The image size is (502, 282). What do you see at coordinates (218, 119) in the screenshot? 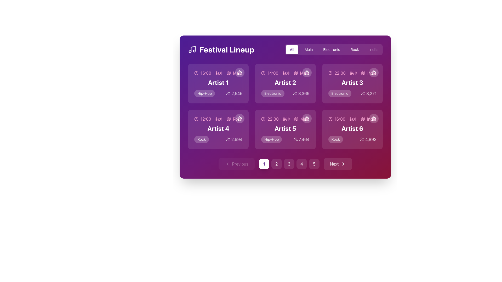
I see `the text and icons displaying '12:00', a dot symbol, and 'rock' in pink color, located at the top-left section of the card for 'Artist 4' within the 'Festival Lineup' grid` at bounding box center [218, 119].